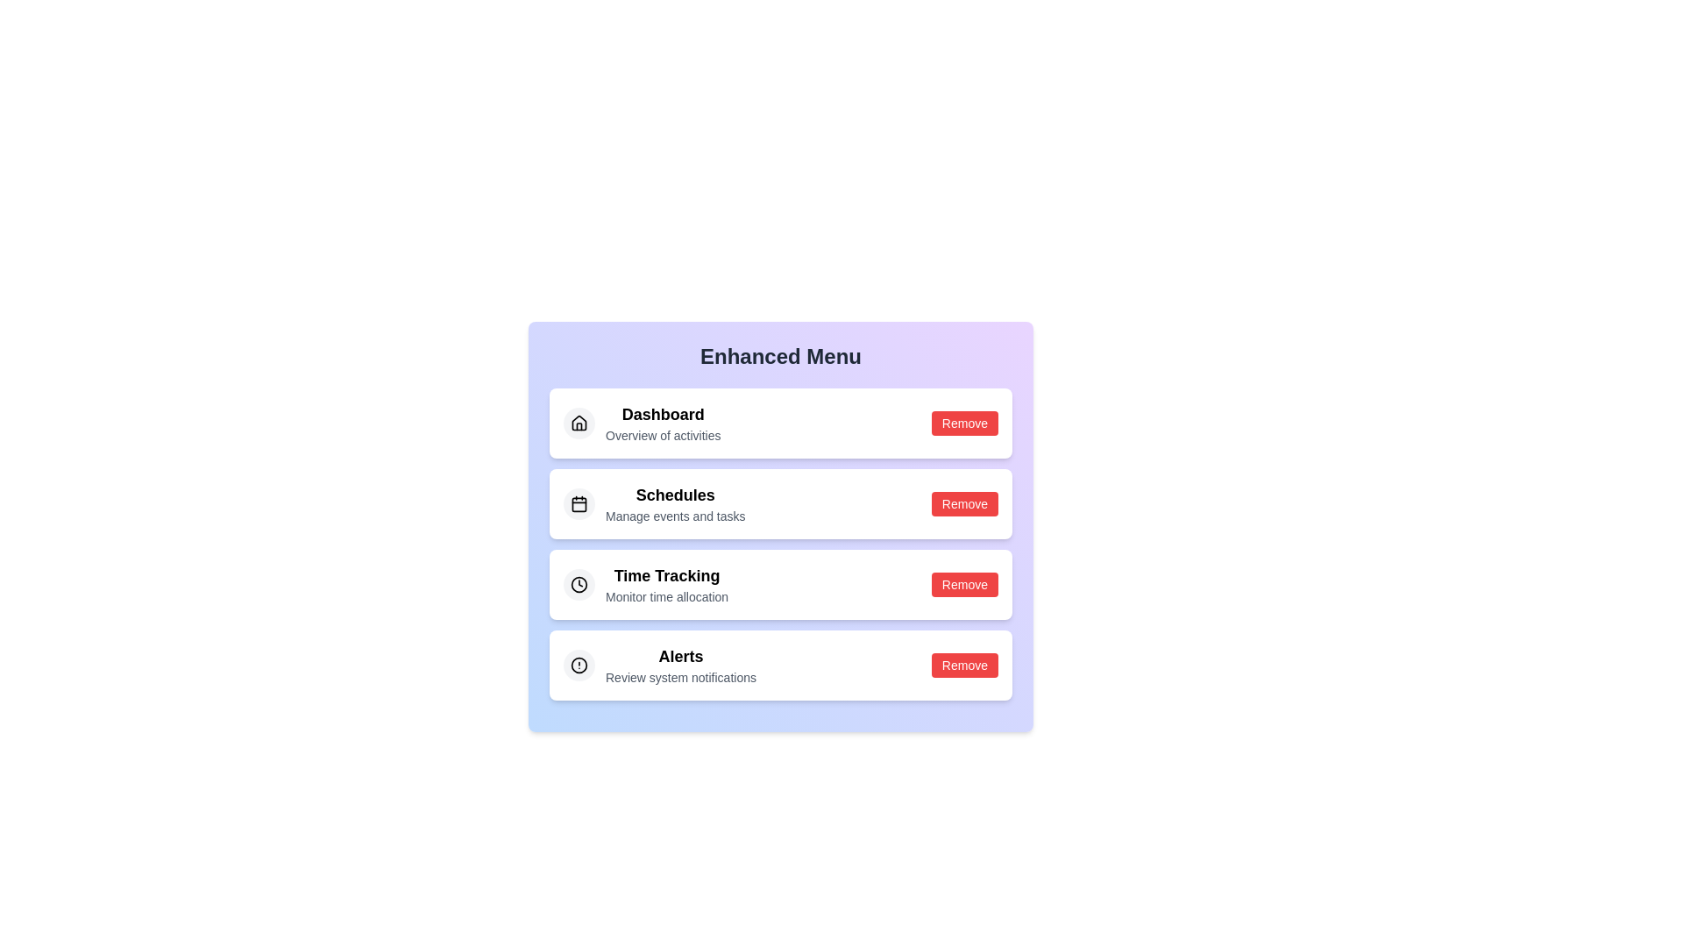 Image resolution: width=1683 pixels, height=947 pixels. What do you see at coordinates (963, 423) in the screenshot?
I see `the 'Remove' button for the item with title Dashboard` at bounding box center [963, 423].